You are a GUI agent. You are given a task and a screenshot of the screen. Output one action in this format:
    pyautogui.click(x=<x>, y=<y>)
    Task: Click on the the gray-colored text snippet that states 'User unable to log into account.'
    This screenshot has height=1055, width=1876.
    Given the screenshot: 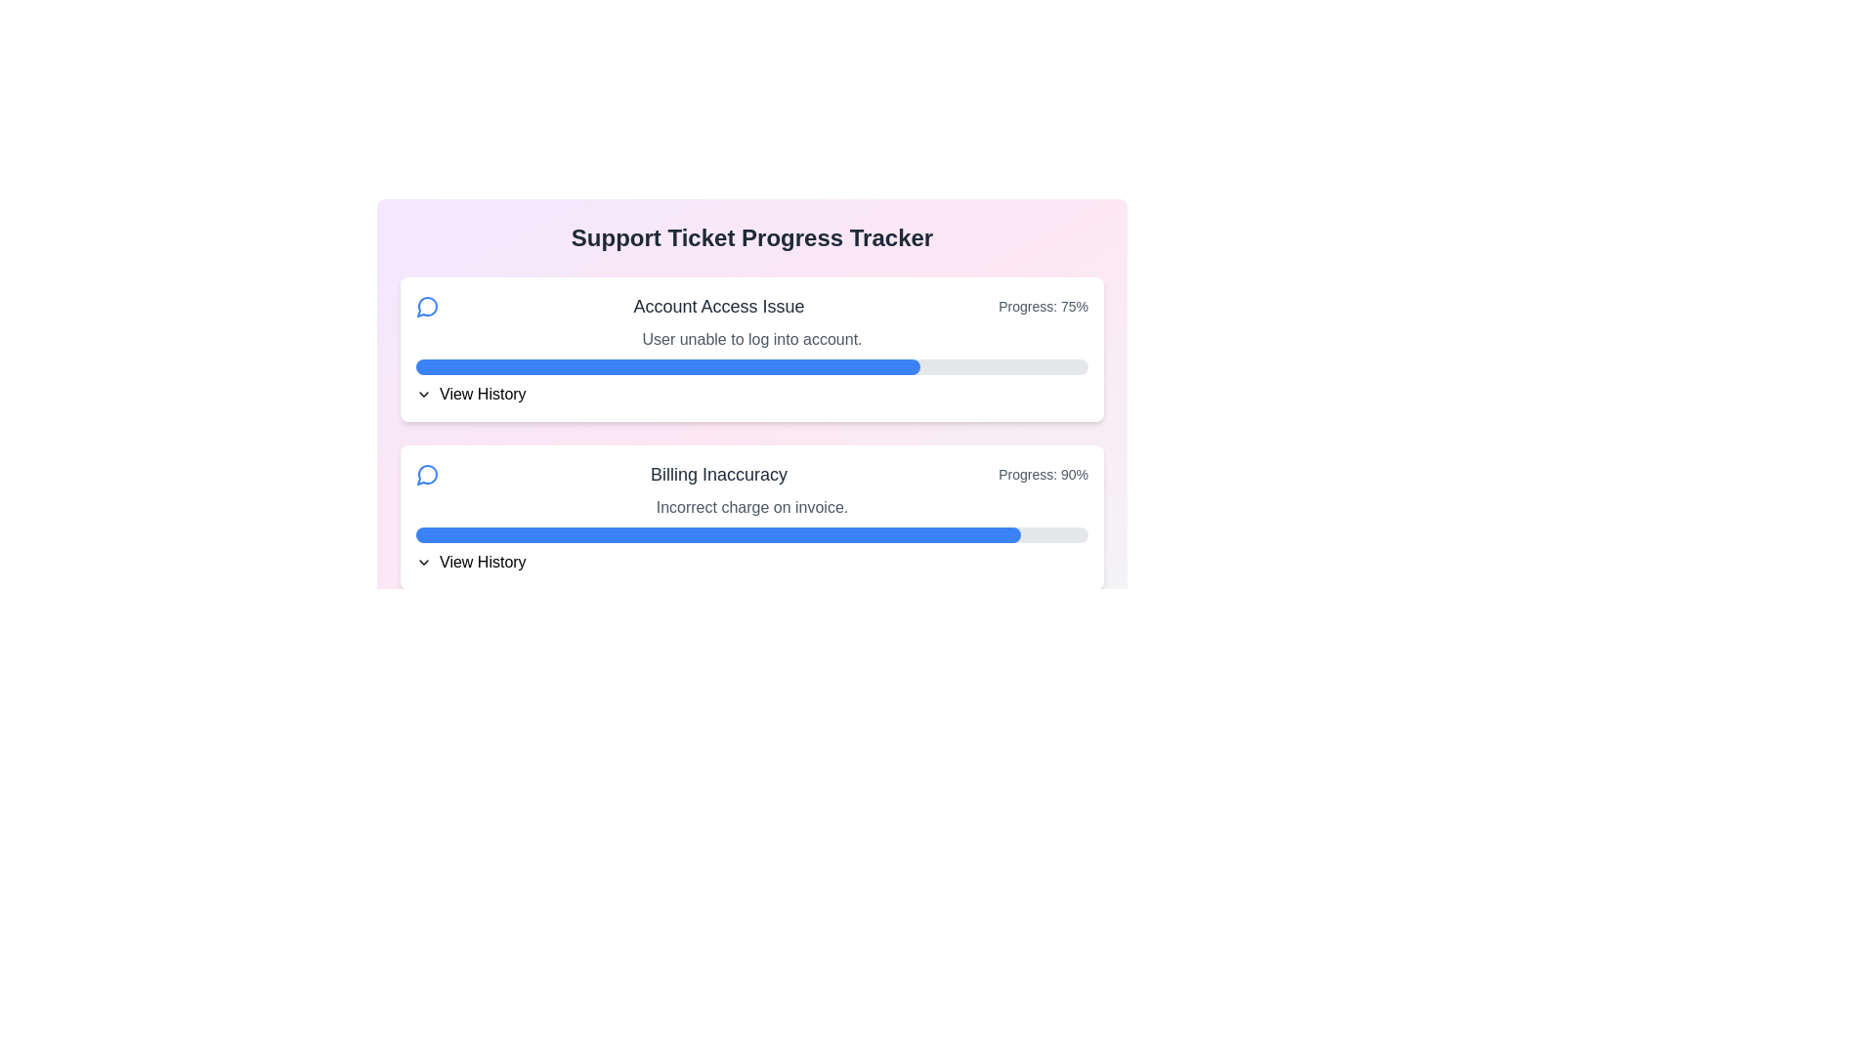 What is the action you would take?
    pyautogui.click(x=750, y=338)
    